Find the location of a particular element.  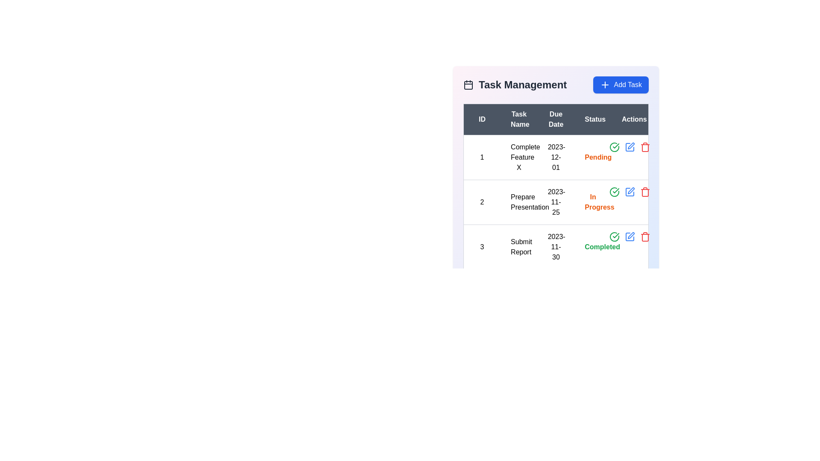

the label indicating the task name 'Complete Feature X' located in the second column of the first row of the task management table is located at coordinates (518, 158).